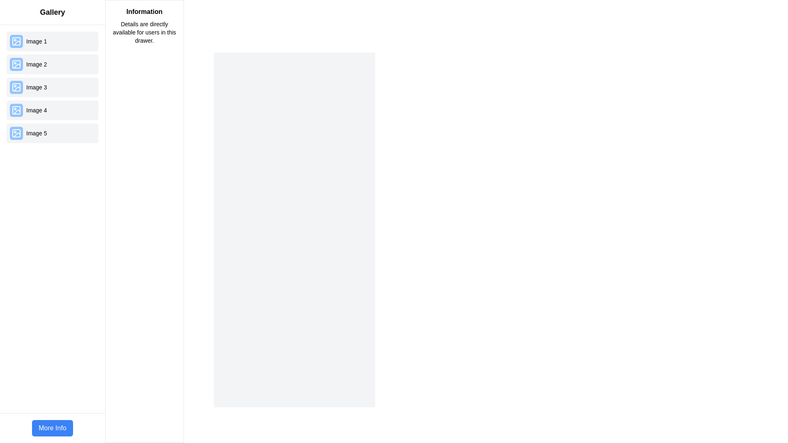 This screenshot has width=788, height=443. What do you see at coordinates (16, 41) in the screenshot?
I see `the photo frame icon located in the left sidebar under the 'Gallery' section` at bounding box center [16, 41].